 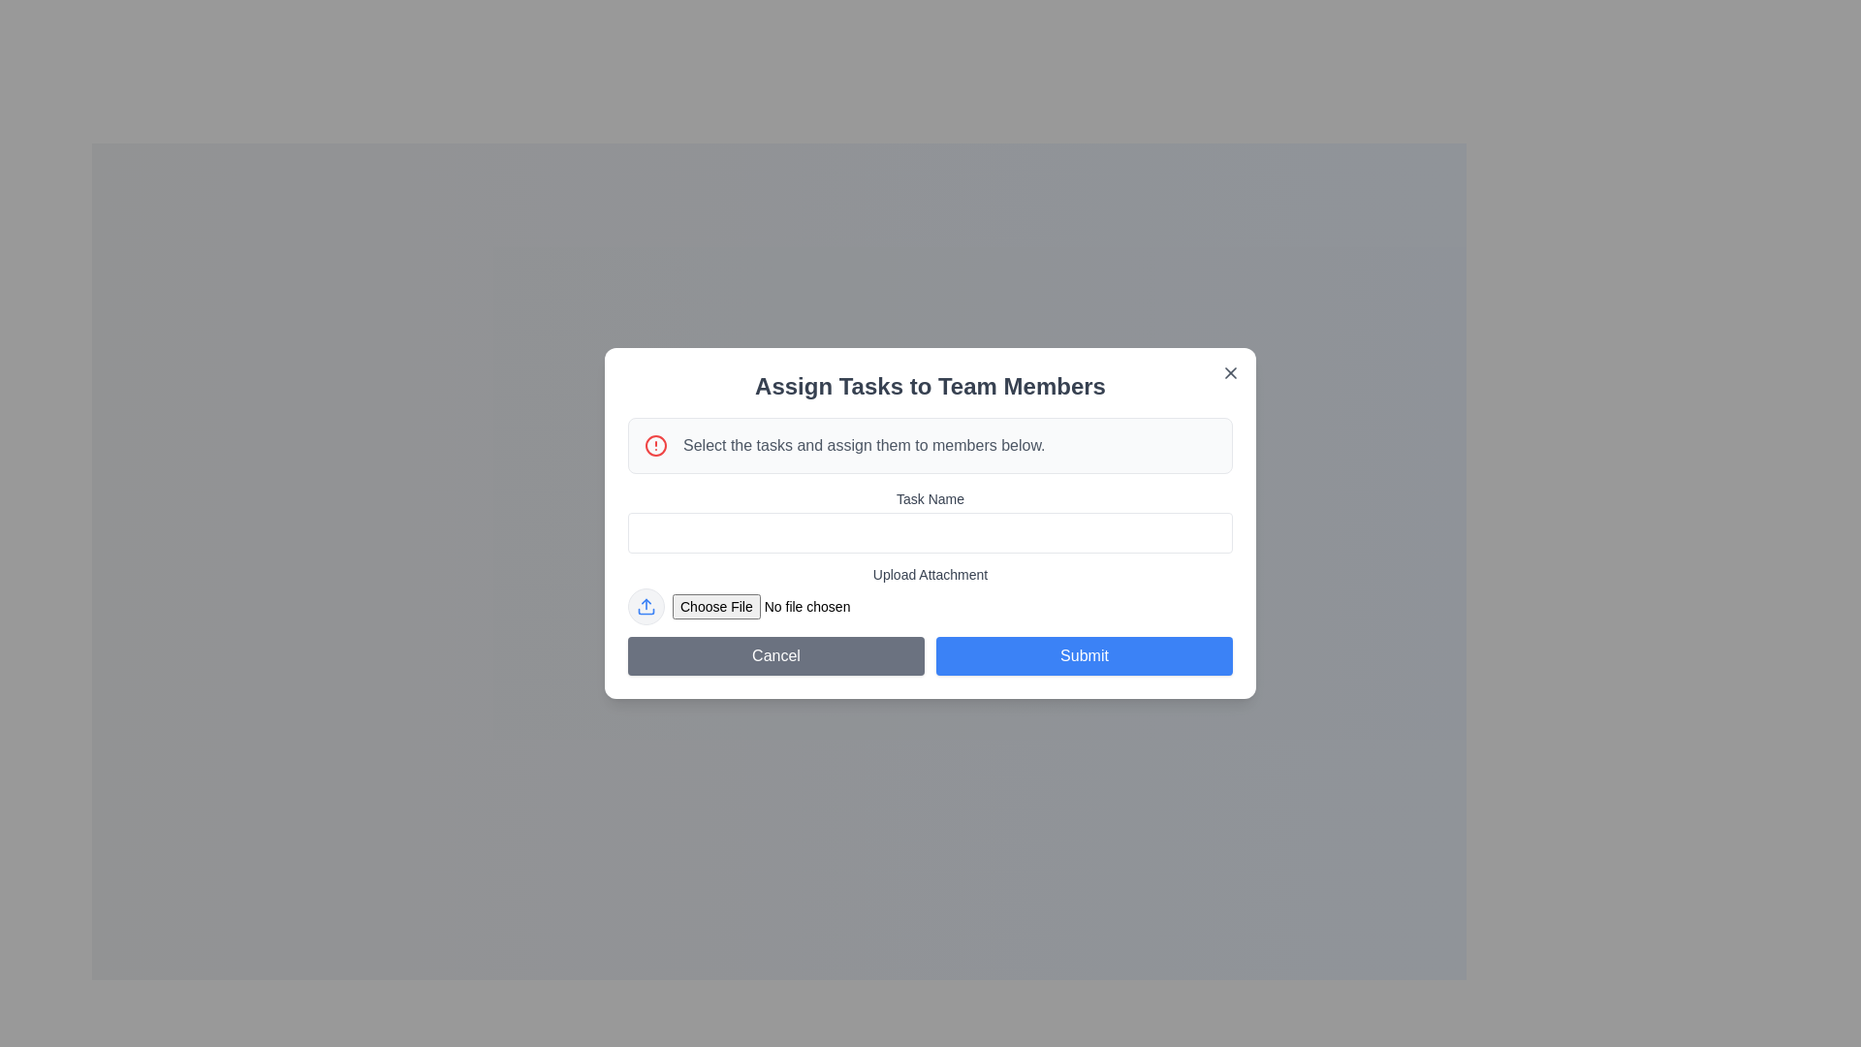 What do you see at coordinates (1230, 373) in the screenshot?
I see `the close button, which is a small gray 'X' icon located in the top-right corner of the modal dialog, to change its color` at bounding box center [1230, 373].